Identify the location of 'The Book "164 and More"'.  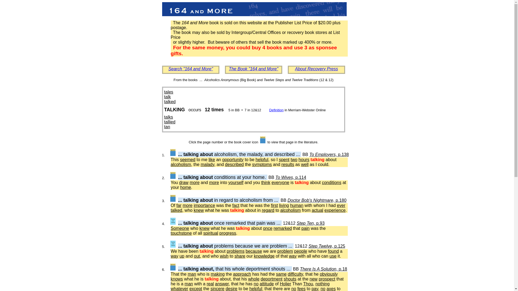
(229, 68).